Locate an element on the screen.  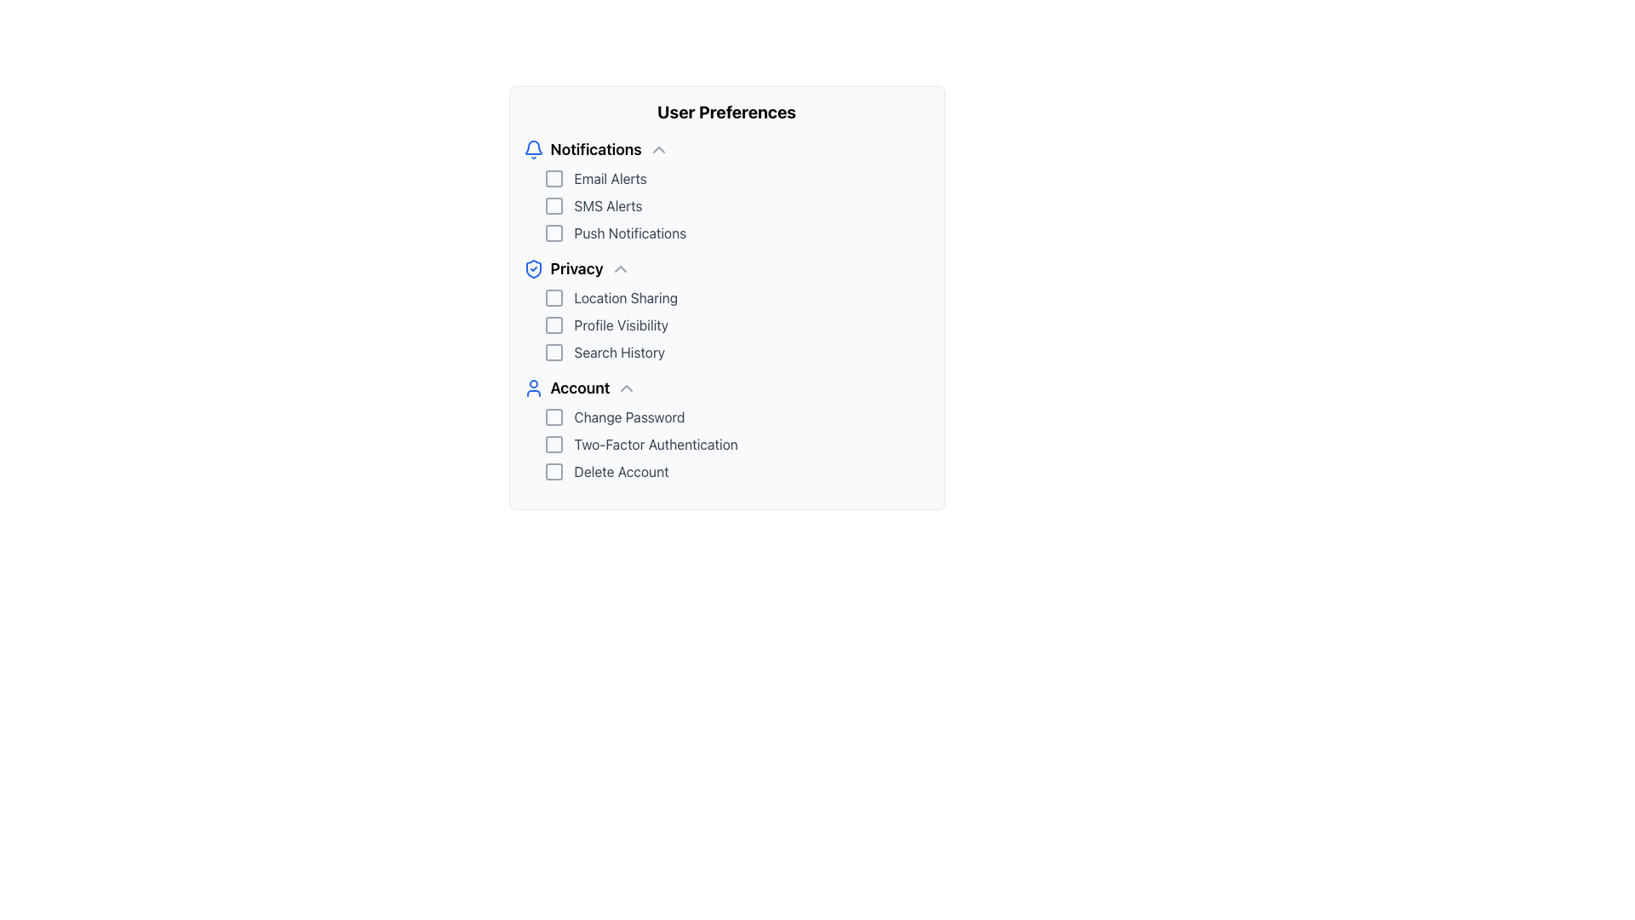
text of the 'Notifications' label in the User Preferences panel, which is the first item in the section and is located between a bell icon and a chevron icon is located at coordinates (596, 149).